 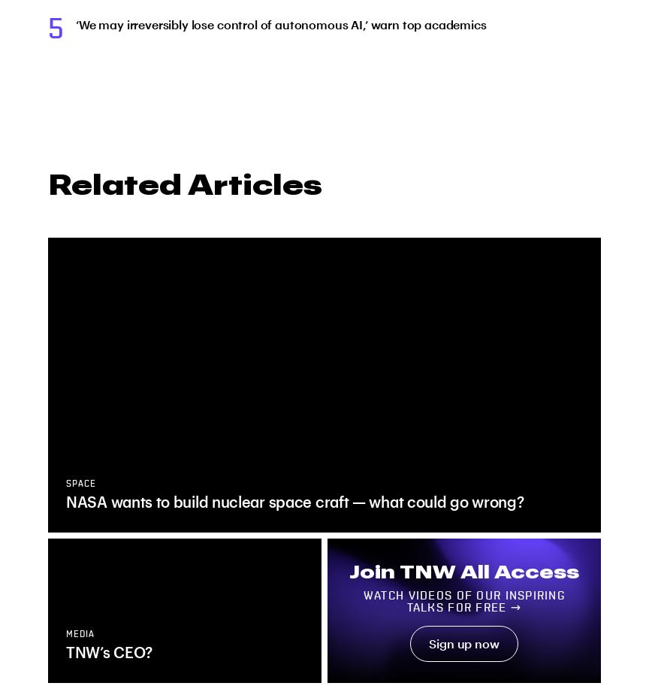 I want to click on 'Watch videos of our inspiring talks for free →', so click(x=463, y=600).